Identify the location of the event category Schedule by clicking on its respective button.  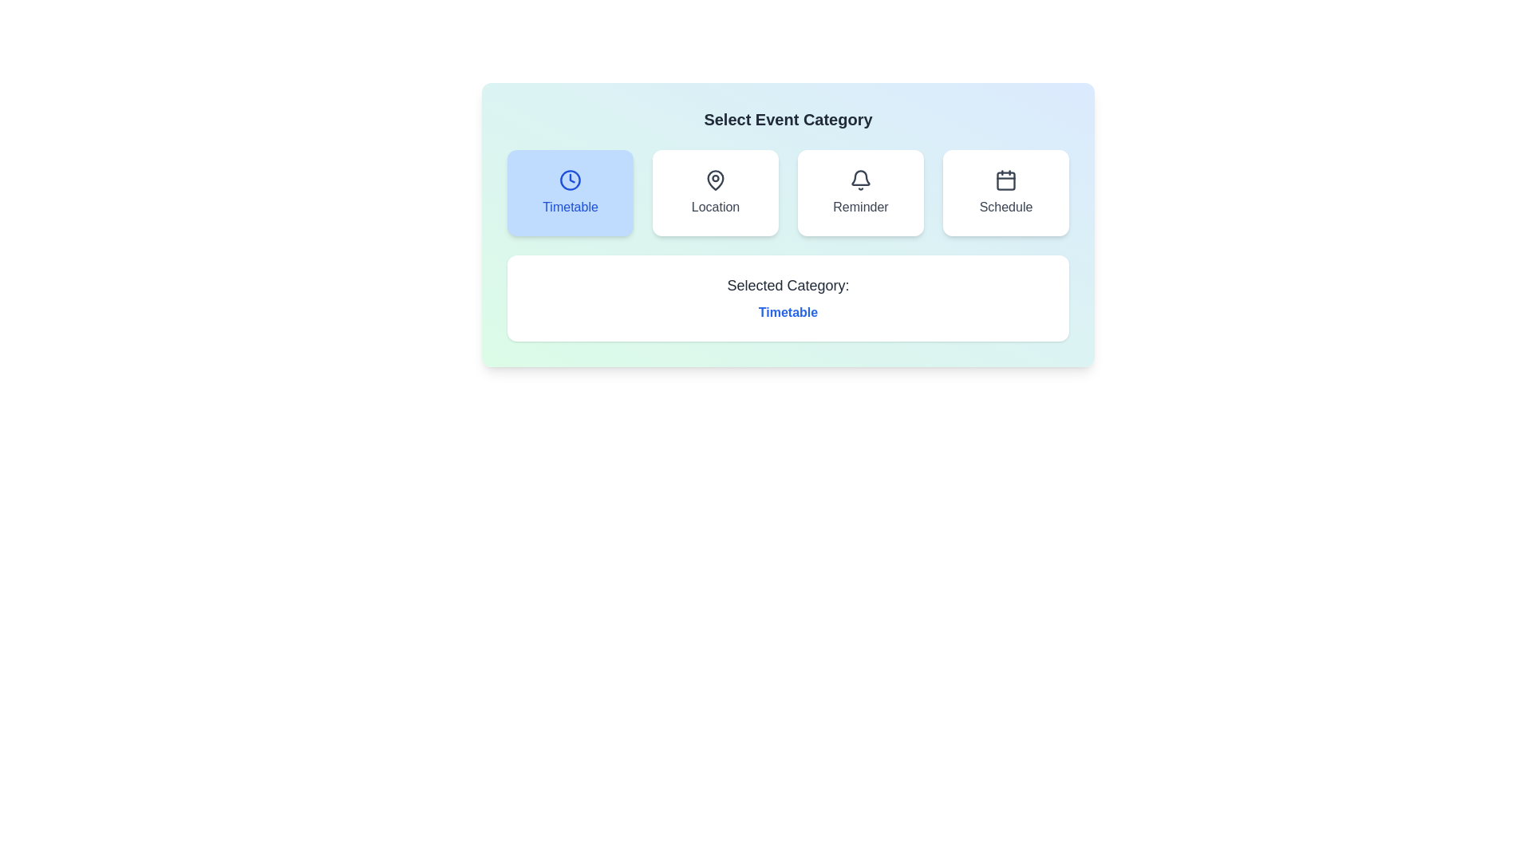
(1005, 192).